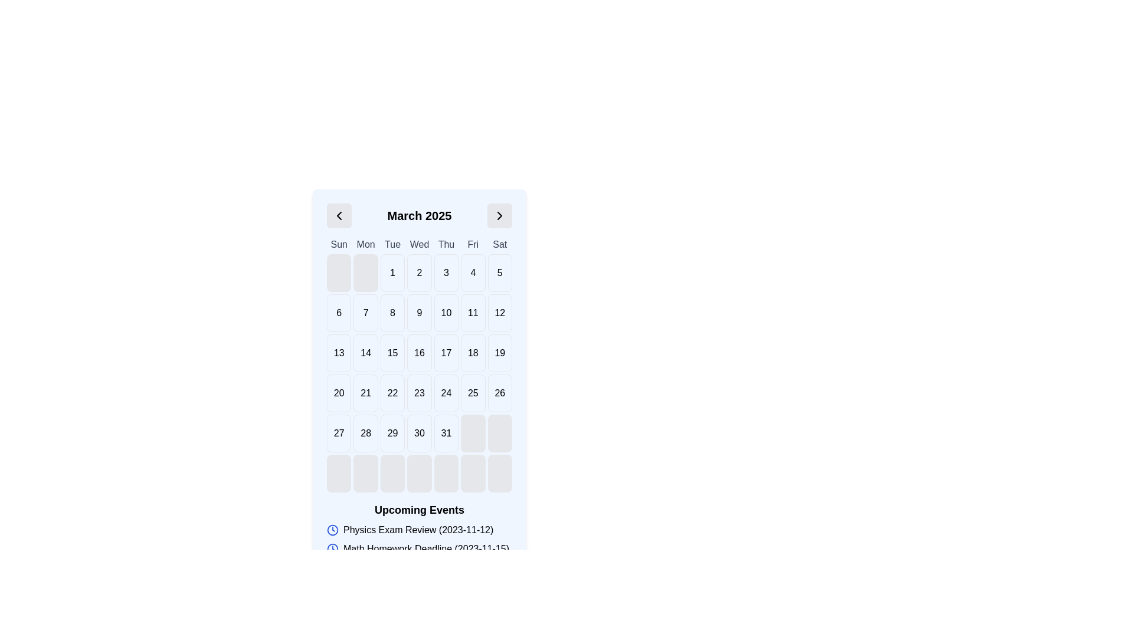  I want to click on the text label displaying 'Thu', which is the fifth item in a row of day names in the calendar interface, so click(446, 244).